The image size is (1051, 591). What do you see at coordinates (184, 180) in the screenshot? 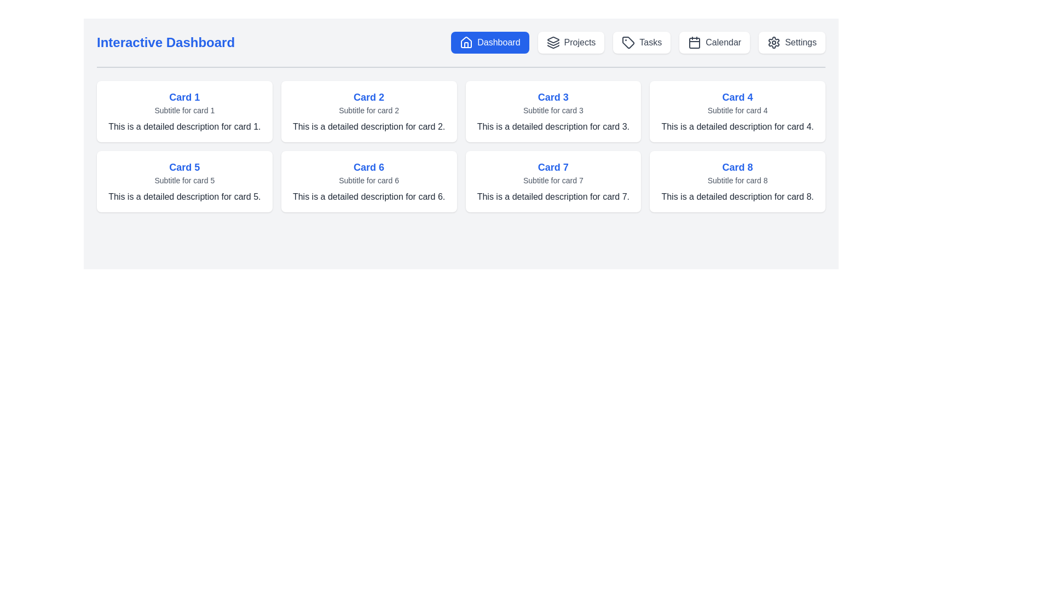
I see `the Text element located below the title 'Card 5' in the second card from the left in the second row of cards` at bounding box center [184, 180].